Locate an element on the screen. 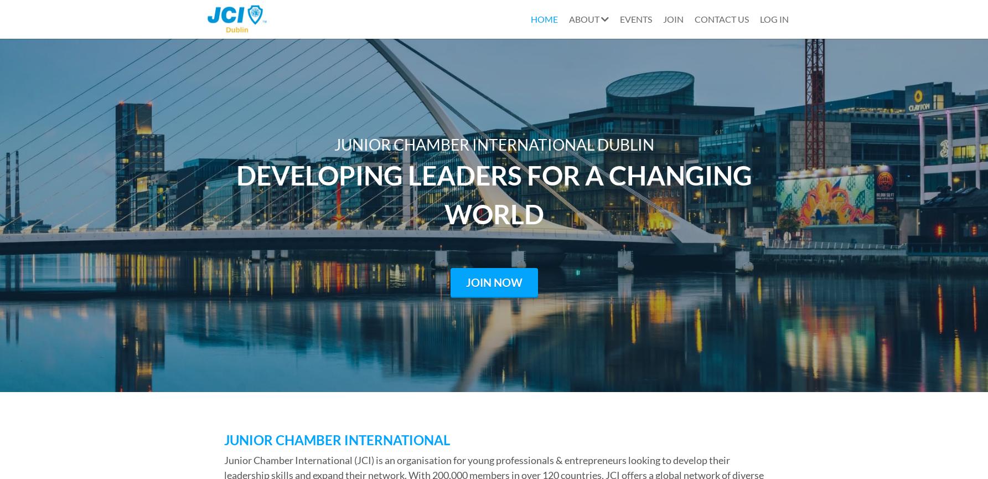 This screenshot has width=988, height=479. 'EVENTS' is located at coordinates (619, 19).